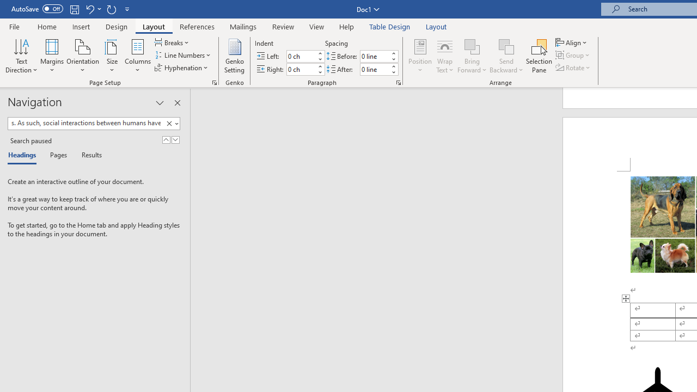 This screenshot has height=392, width=697. Describe the element at coordinates (301, 56) in the screenshot. I see `'Indent Left'` at that location.